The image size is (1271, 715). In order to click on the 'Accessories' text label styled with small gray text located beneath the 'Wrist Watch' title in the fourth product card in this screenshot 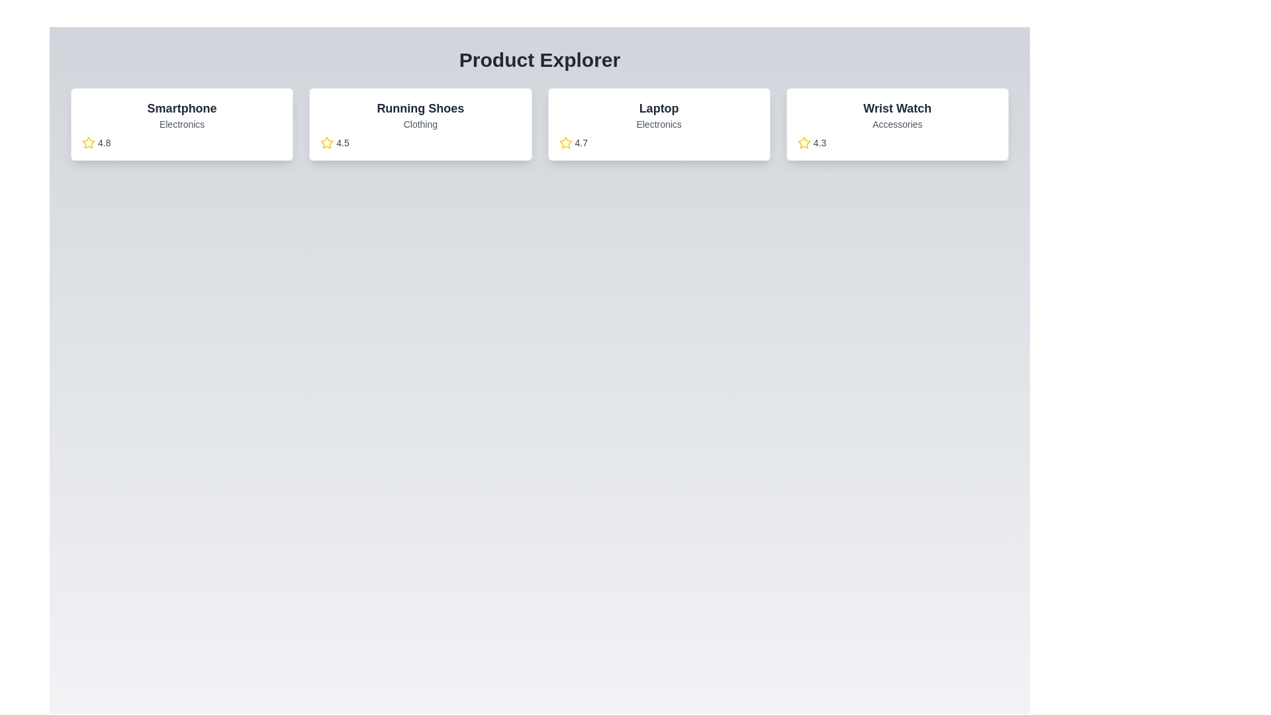, I will do `click(897, 124)`.